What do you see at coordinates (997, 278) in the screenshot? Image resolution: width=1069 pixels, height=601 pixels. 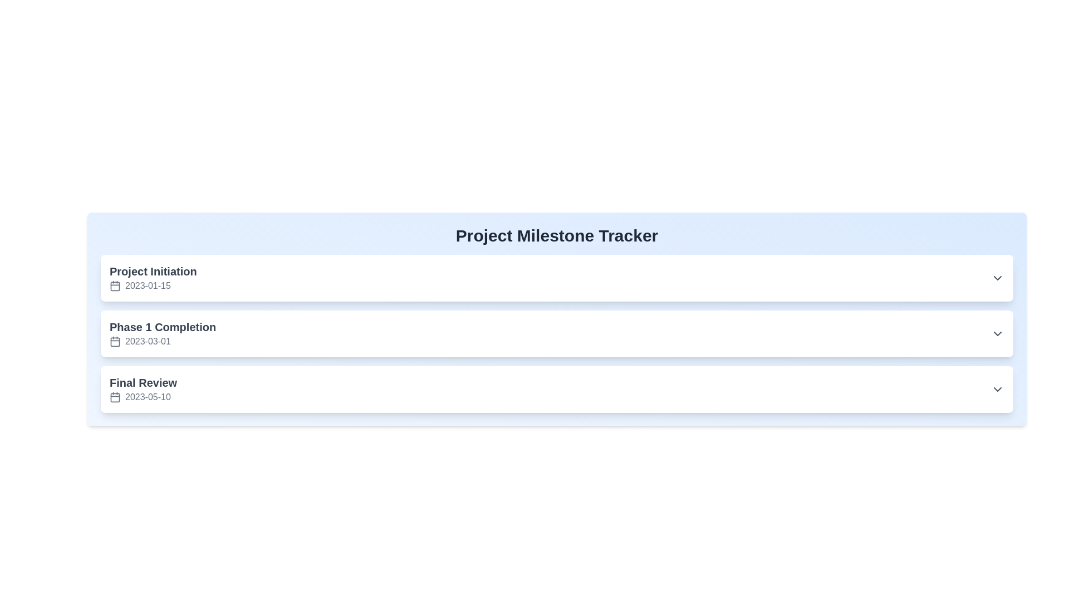 I see `the dropdown toggle icon on the rightmost side of the 'Project Initiation' section` at bounding box center [997, 278].